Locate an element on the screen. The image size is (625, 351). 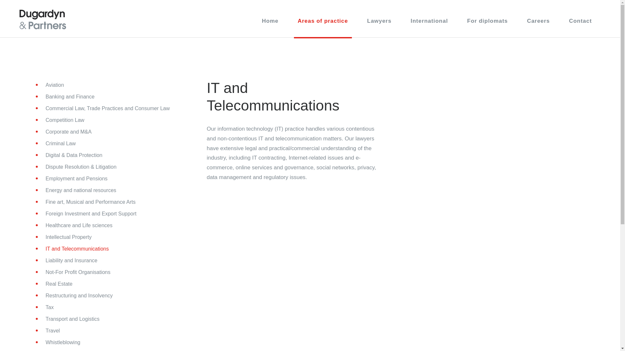
'Healthcare and Life sciences' is located at coordinates (75, 225).